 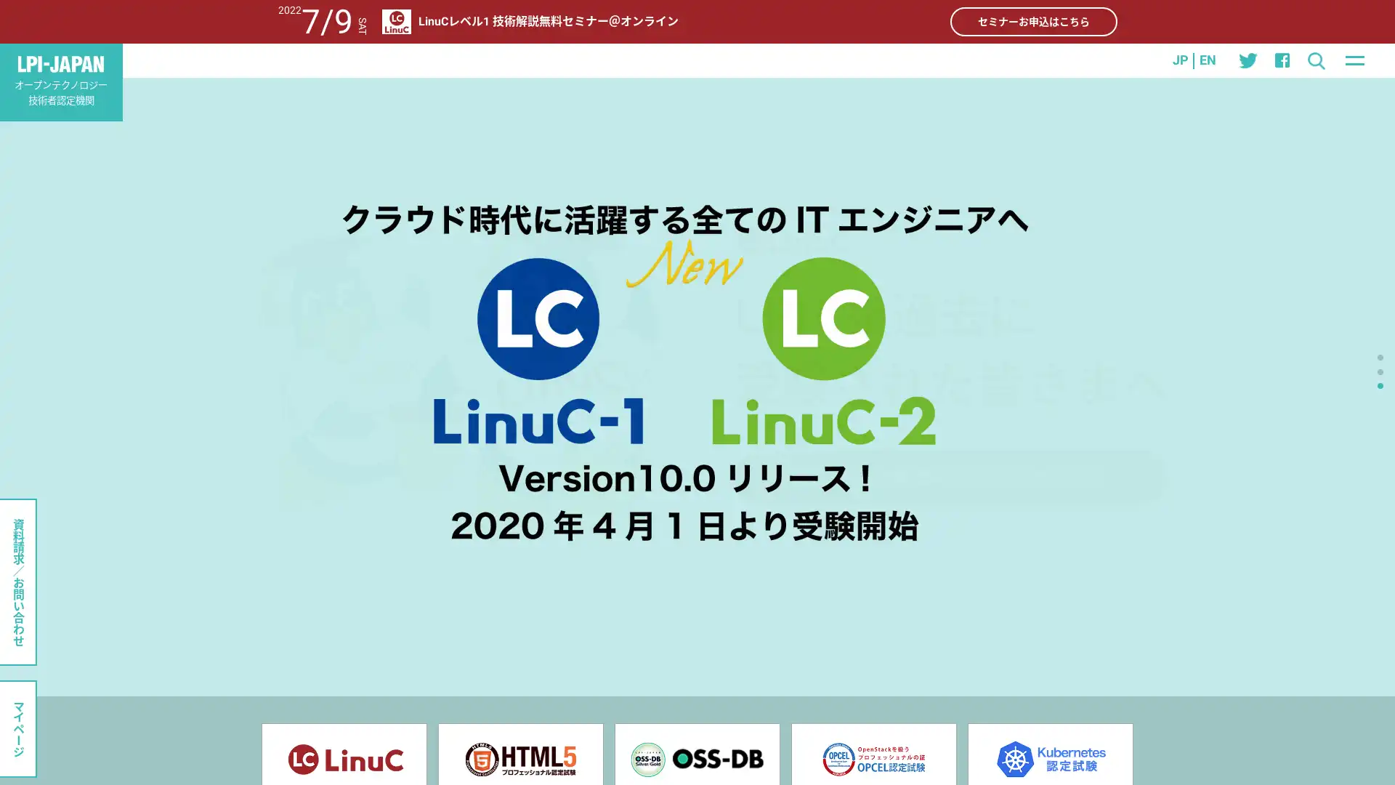 I want to click on Go to slide 3, so click(x=1380, y=384).